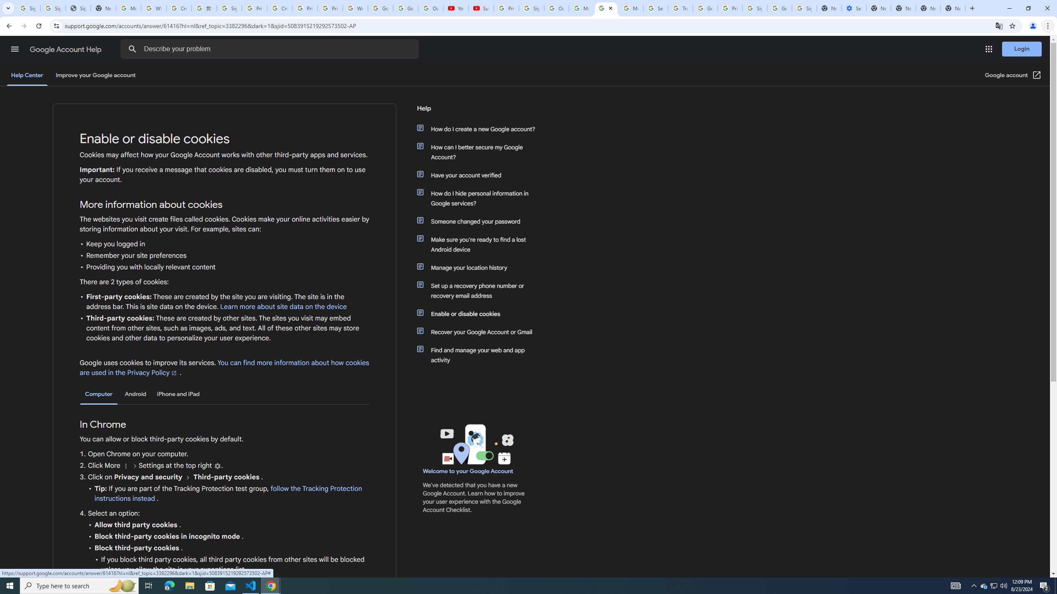 Image resolution: width=1057 pixels, height=594 pixels. What do you see at coordinates (283, 306) in the screenshot?
I see `'Learn more about site data on the device'` at bounding box center [283, 306].